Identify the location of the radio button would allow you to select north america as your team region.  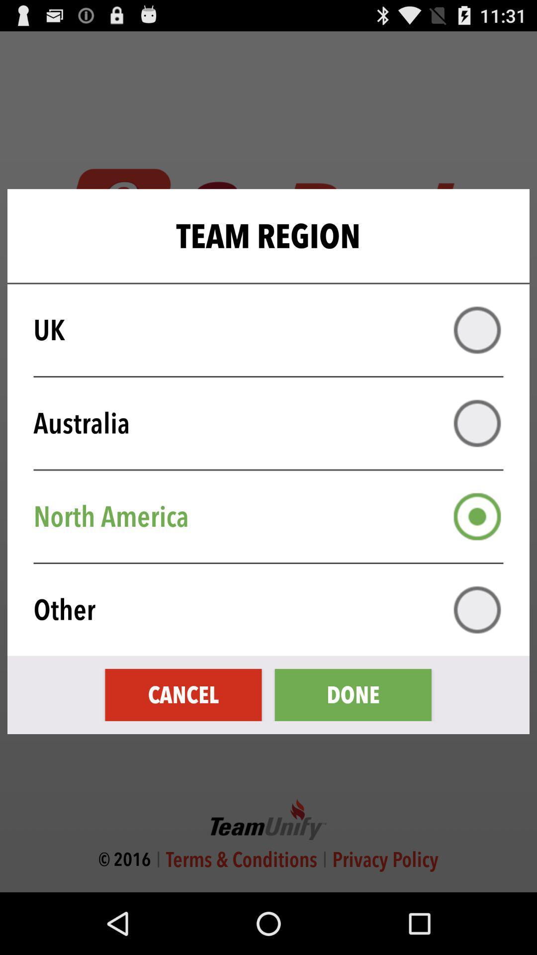
(477, 516).